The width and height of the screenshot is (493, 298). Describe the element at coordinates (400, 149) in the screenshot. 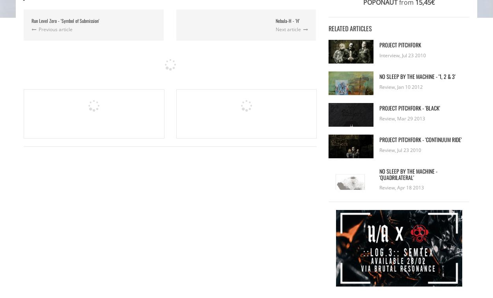

I see `'Review, Jul 23 2010'` at that location.